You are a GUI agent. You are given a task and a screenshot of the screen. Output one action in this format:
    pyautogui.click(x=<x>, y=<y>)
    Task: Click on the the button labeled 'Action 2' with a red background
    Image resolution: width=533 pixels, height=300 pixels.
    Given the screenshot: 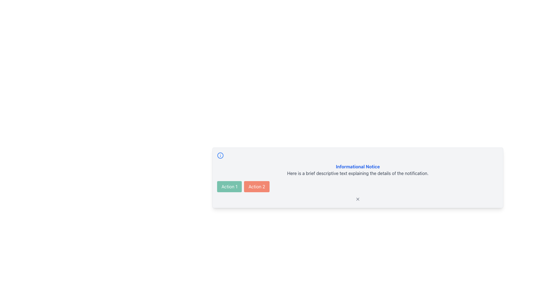 What is the action you would take?
    pyautogui.click(x=257, y=186)
    